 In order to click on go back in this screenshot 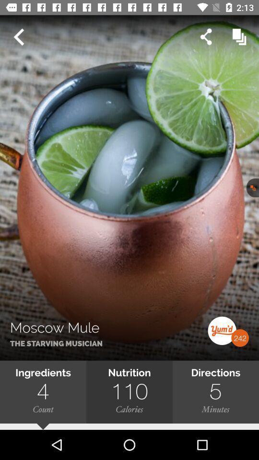, I will do `click(18, 37)`.